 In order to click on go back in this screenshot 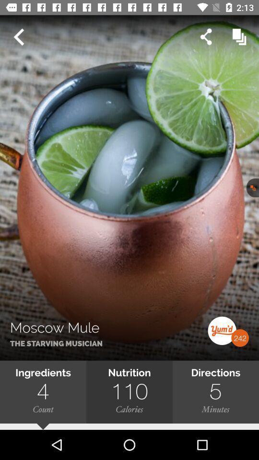, I will do `click(18, 37)`.